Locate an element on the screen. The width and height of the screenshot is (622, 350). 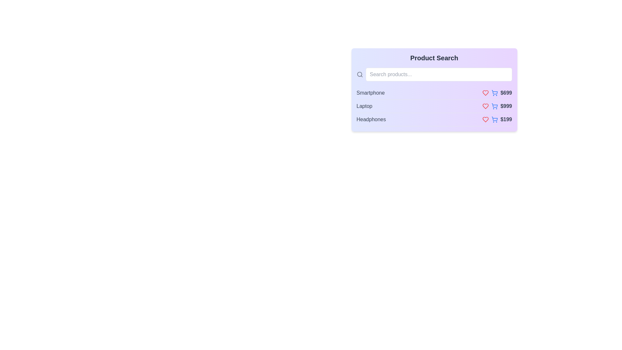
the shopping cart icon with a blue outline is located at coordinates (494, 119).